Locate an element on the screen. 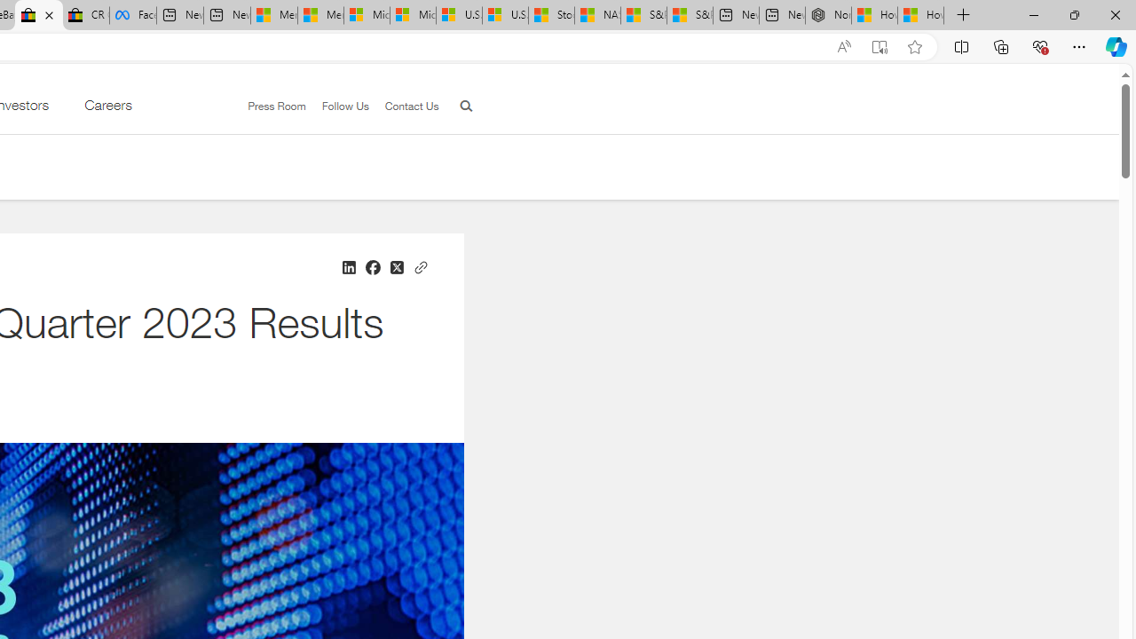 The image size is (1136, 639). 'eBay Inc. Reports Third Quarter 2023 Results' is located at coordinates (39, 15).